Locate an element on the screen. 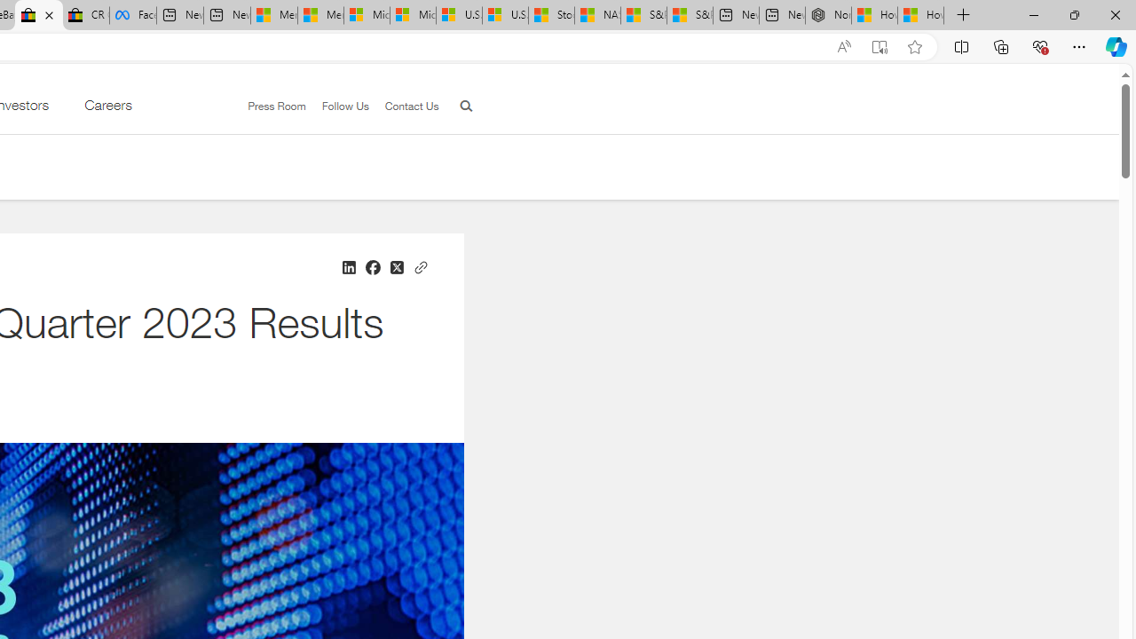 The image size is (1136, 639). 'eBay Inc. Reports Third Quarter 2023 Results' is located at coordinates (39, 15).